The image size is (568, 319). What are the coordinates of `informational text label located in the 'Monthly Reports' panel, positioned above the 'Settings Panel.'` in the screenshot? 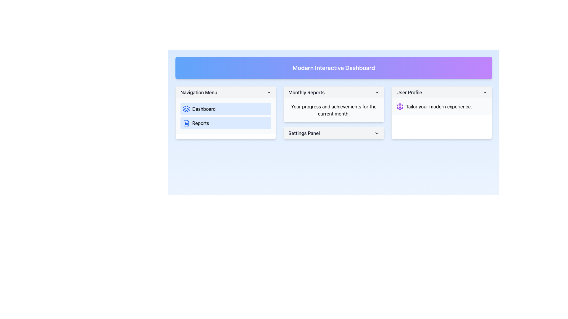 It's located at (334, 110).